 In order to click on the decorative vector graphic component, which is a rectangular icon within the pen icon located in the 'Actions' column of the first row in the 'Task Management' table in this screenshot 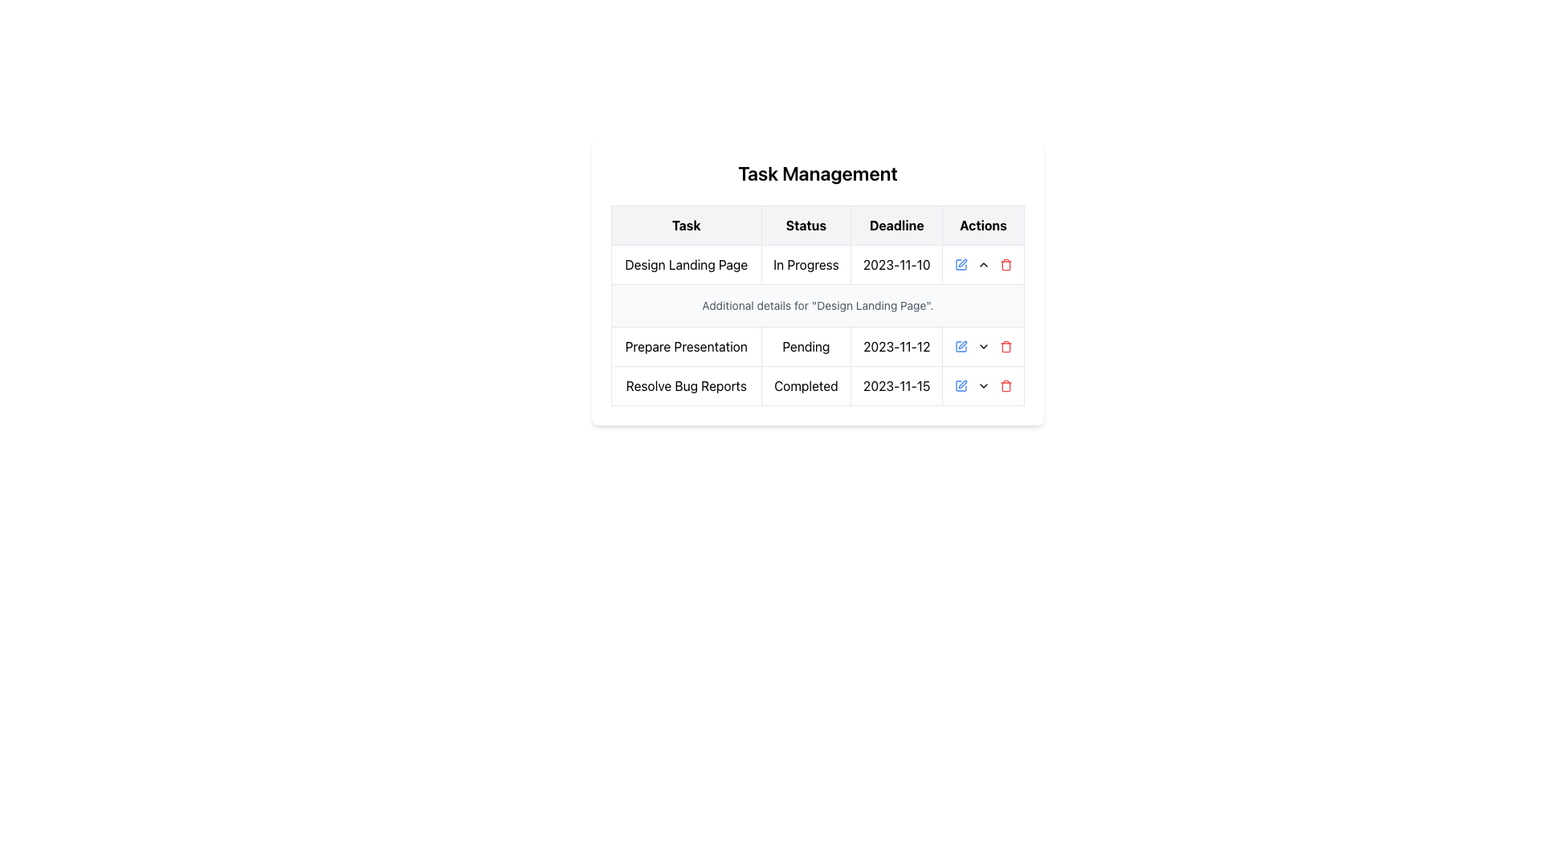, I will do `click(961, 386)`.